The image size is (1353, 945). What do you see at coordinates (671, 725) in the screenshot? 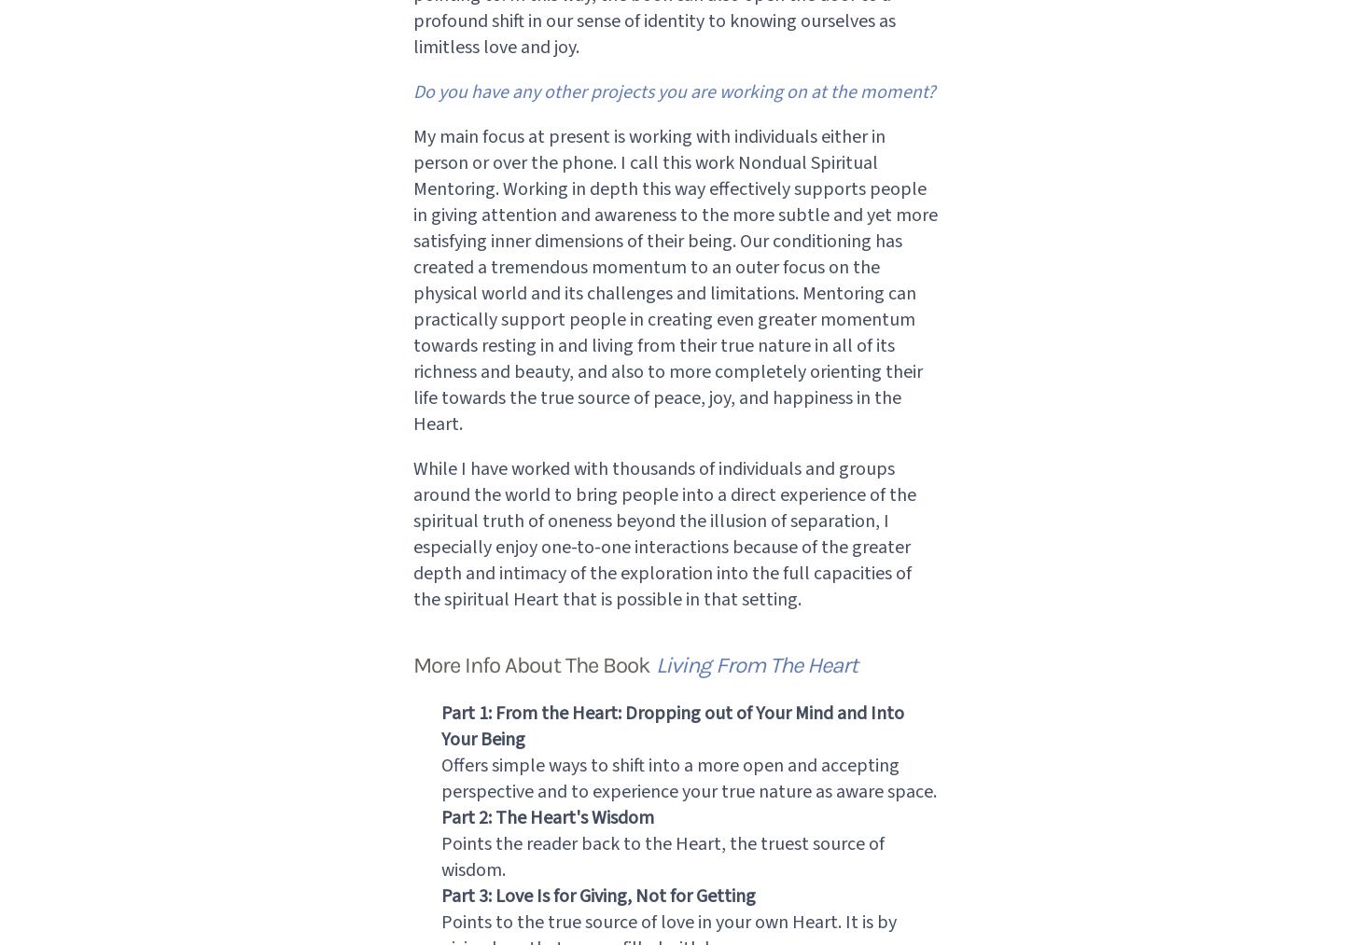
I see `'Part 1: From the Heart: Dropping out of Your Mind and Into Your Being'` at bounding box center [671, 725].